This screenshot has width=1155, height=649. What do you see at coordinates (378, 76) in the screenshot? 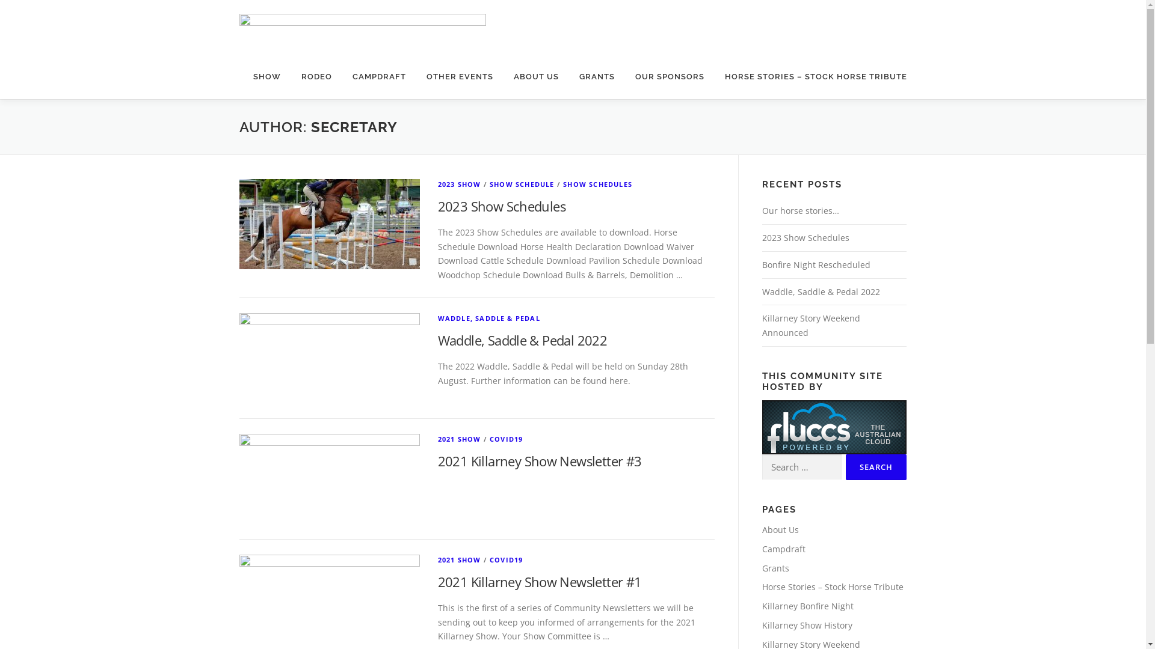
I see `'CAMPDRAFT'` at bounding box center [378, 76].